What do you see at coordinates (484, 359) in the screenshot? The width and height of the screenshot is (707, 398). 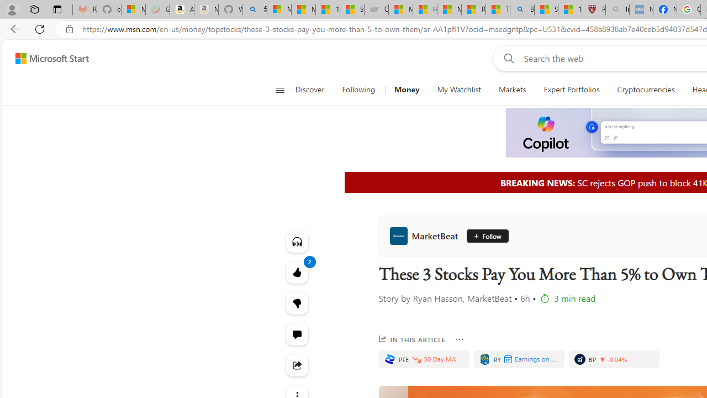 I see `'ROYAL BANK OF CANADA'` at bounding box center [484, 359].